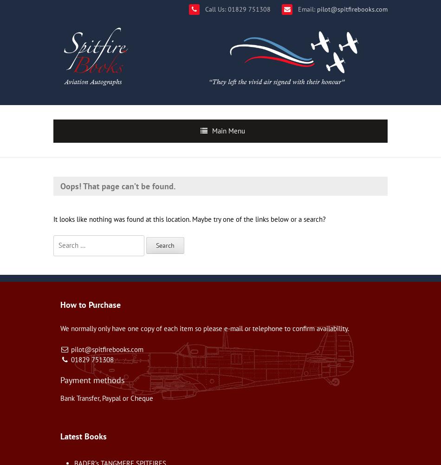 Image resolution: width=441 pixels, height=465 pixels. I want to click on 'We normally only have one copy of each item so please e-mail or telephone to confirm availability.', so click(204, 327).